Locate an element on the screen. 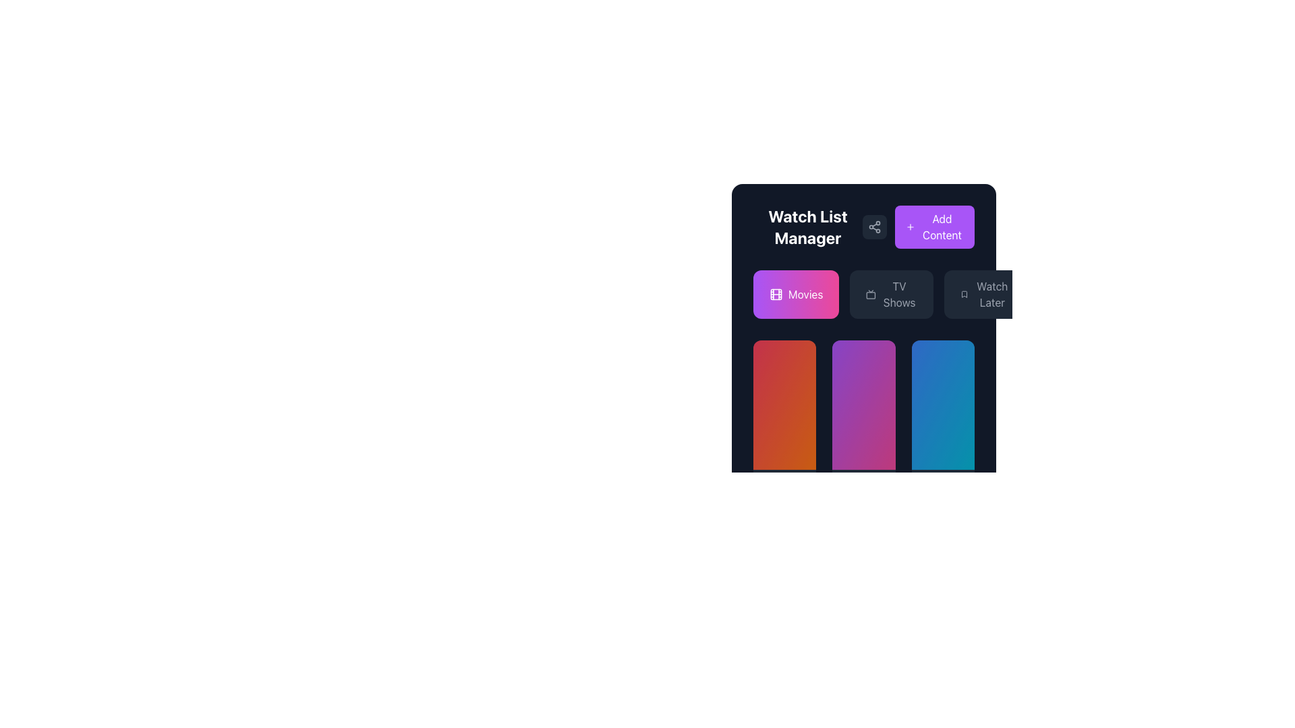 This screenshot has height=728, width=1295. the 'TV Shows' button, which is a rectangular button with light gray text and a television icon, located between the 'Movies' and 'Watch Later' buttons is located at coordinates (892, 293).